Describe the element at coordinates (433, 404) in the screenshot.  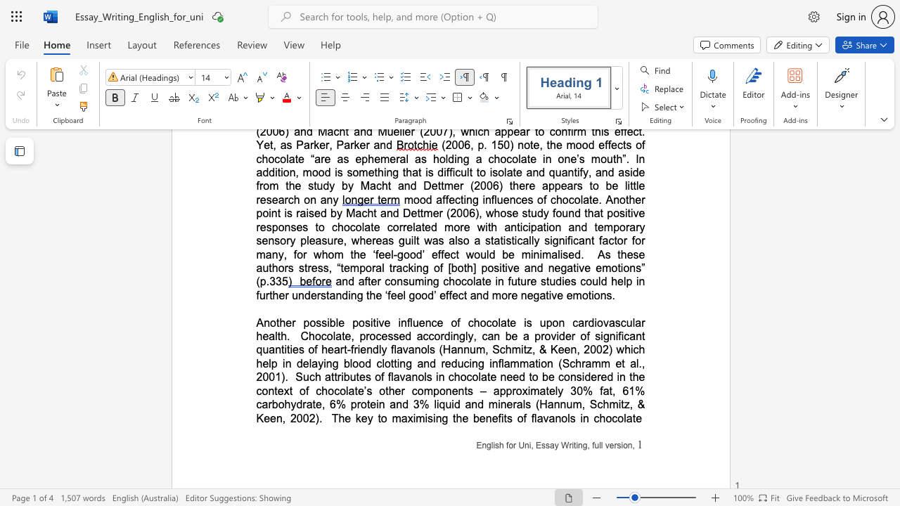
I see `the subset text "liquid and" within the text "Such attributes of flavanols in chocolate need to be considered in the context of chocolate’s other components – approximately 30% fat, 61% carbohydrate, 6% protein and 3% liquid and minerals (Hannum, Schmitz, & Keen, 2002)"` at that location.